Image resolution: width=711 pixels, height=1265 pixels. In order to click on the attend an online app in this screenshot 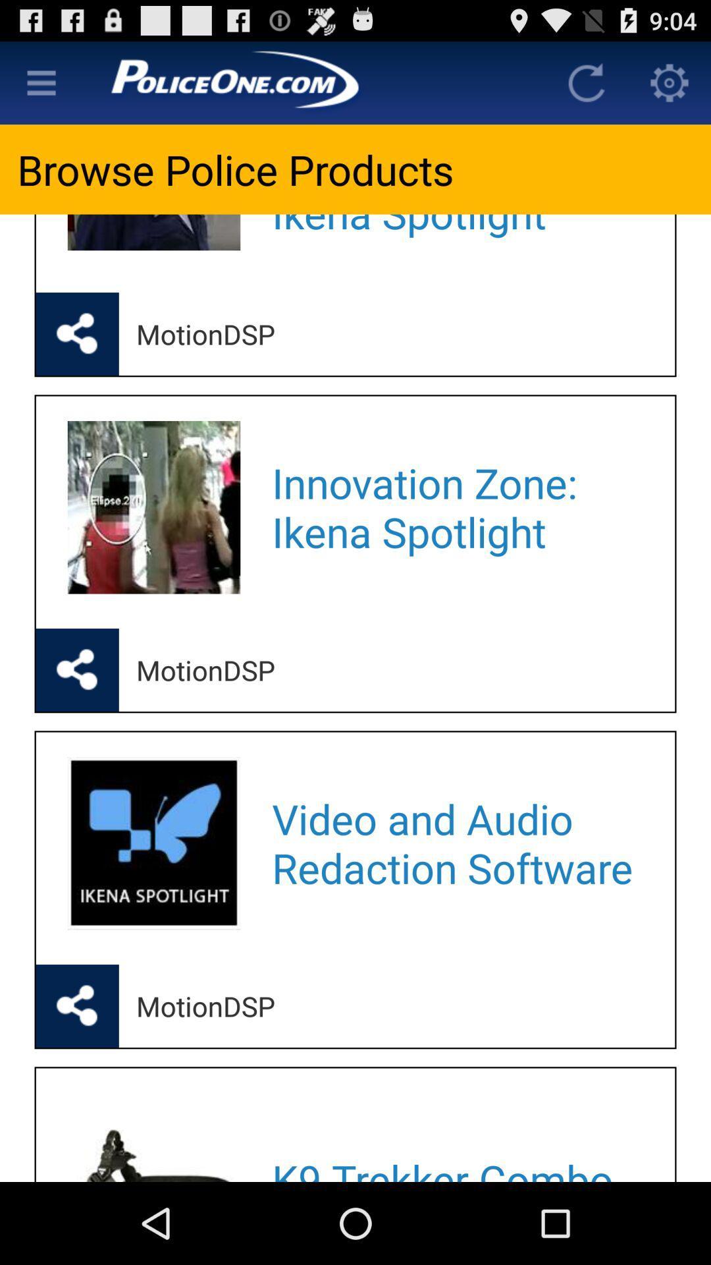, I will do `click(456, 236)`.